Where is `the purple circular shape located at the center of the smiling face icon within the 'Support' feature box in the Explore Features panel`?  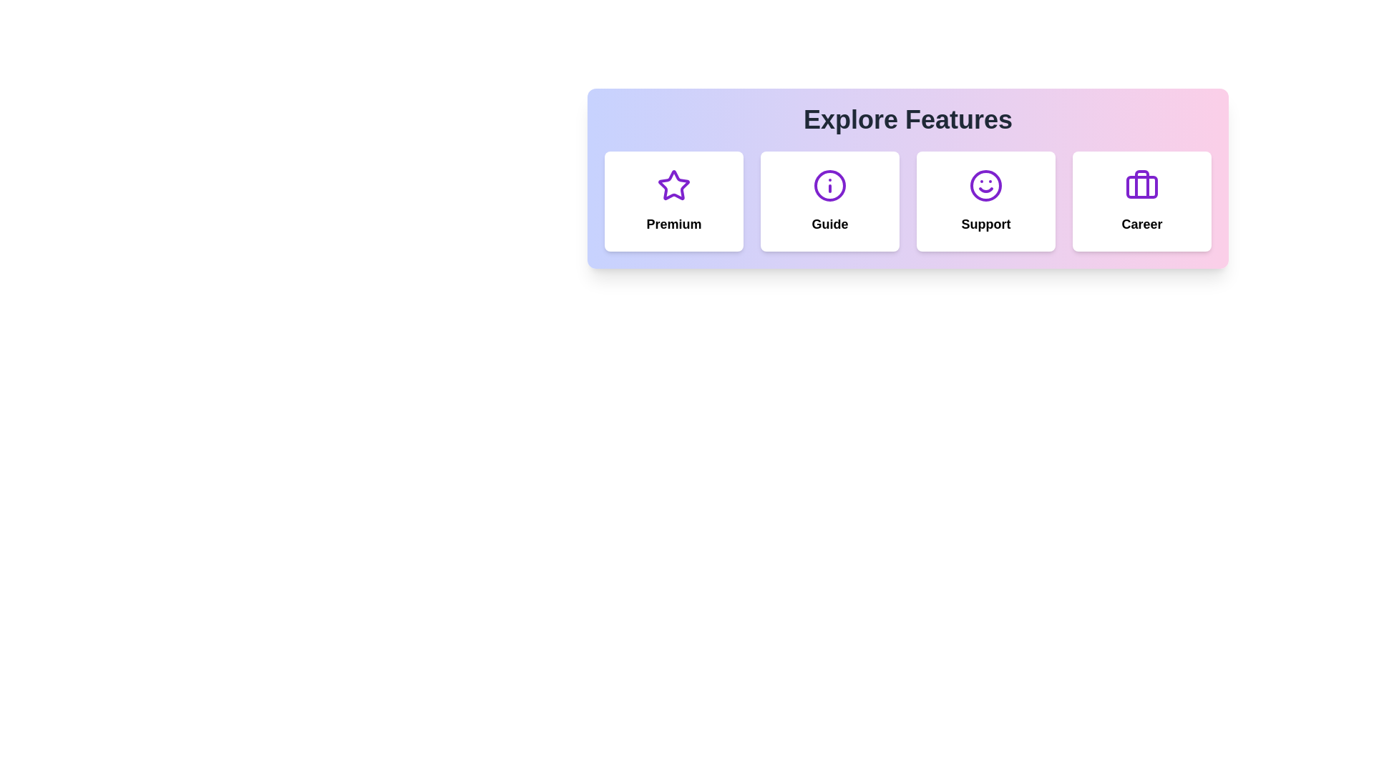 the purple circular shape located at the center of the smiling face icon within the 'Support' feature box in the Explore Features panel is located at coordinates (985, 184).